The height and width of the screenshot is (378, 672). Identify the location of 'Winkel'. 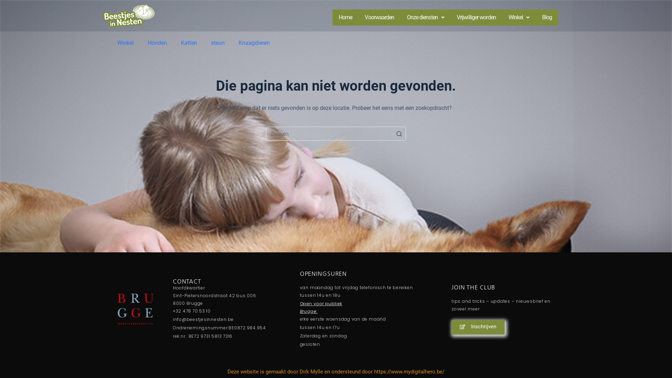
(519, 17).